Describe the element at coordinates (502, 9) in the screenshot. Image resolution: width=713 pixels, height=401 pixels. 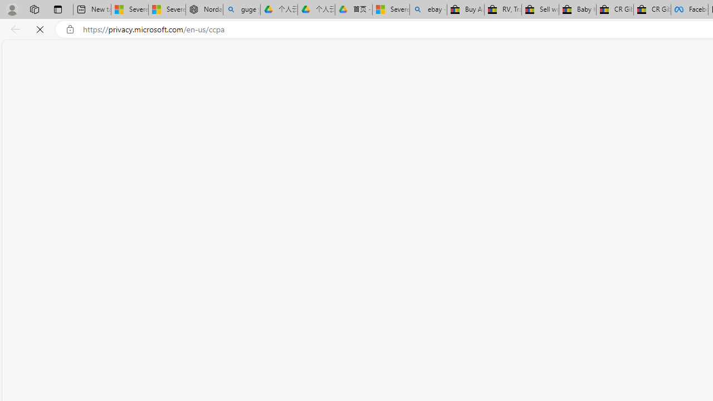
I see `'RV, Trailer & Camper Steps & Ladders for sale | eBay'` at that location.